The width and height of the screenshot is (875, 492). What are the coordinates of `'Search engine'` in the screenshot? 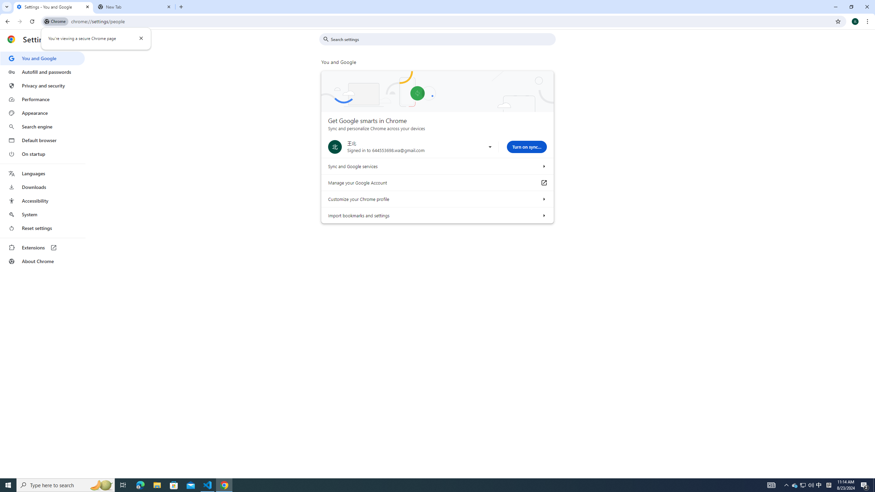 It's located at (42, 127).